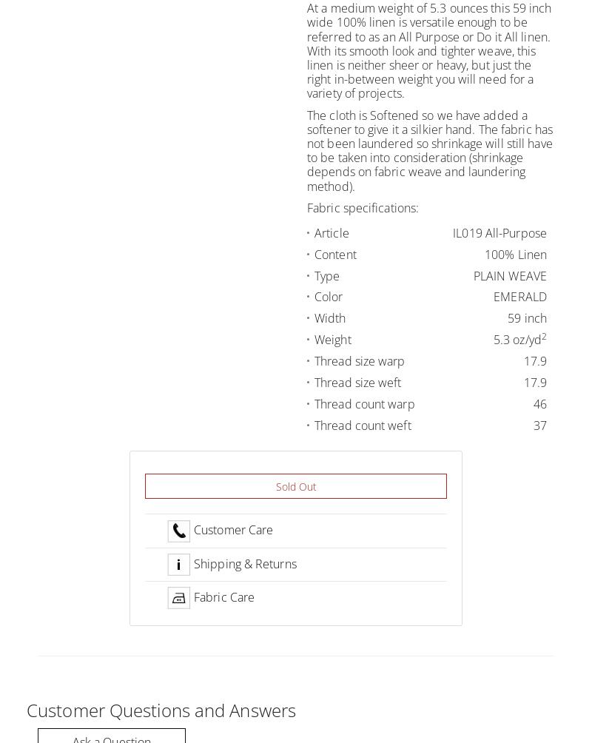  I want to click on 'Type', so click(326, 275).